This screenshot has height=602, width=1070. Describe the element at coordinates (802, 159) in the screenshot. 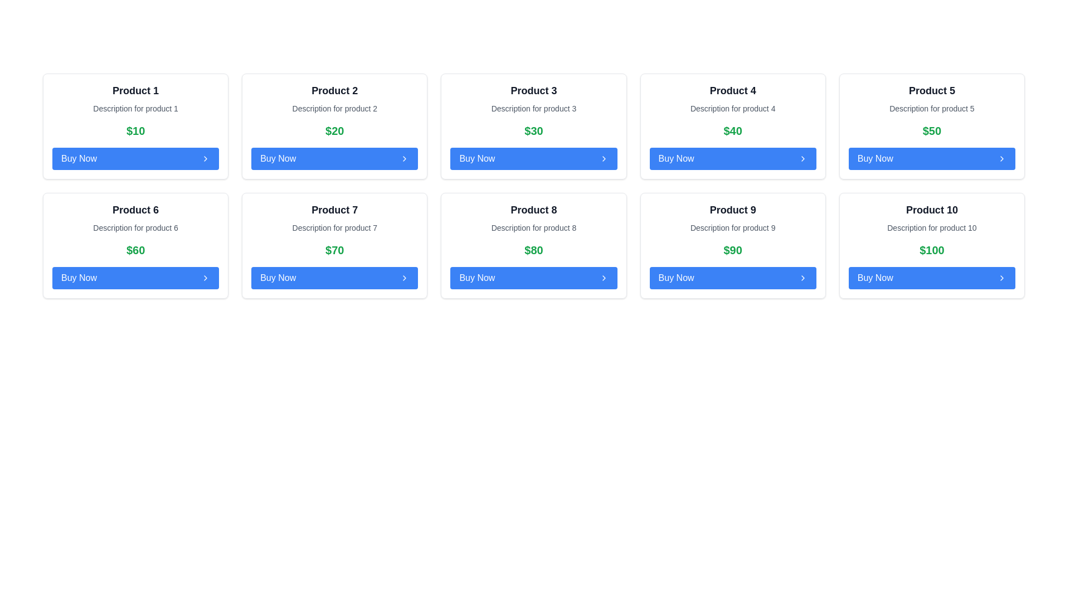

I see `the right-pointing chevron icon inside the 'Buy Now' button in the pricing card for 'Product 5'` at that location.